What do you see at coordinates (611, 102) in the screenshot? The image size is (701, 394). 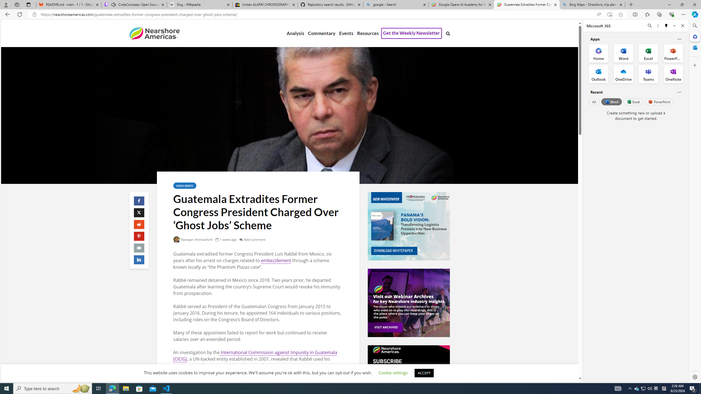 I see `'Word'` at bounding box center [611, 102].